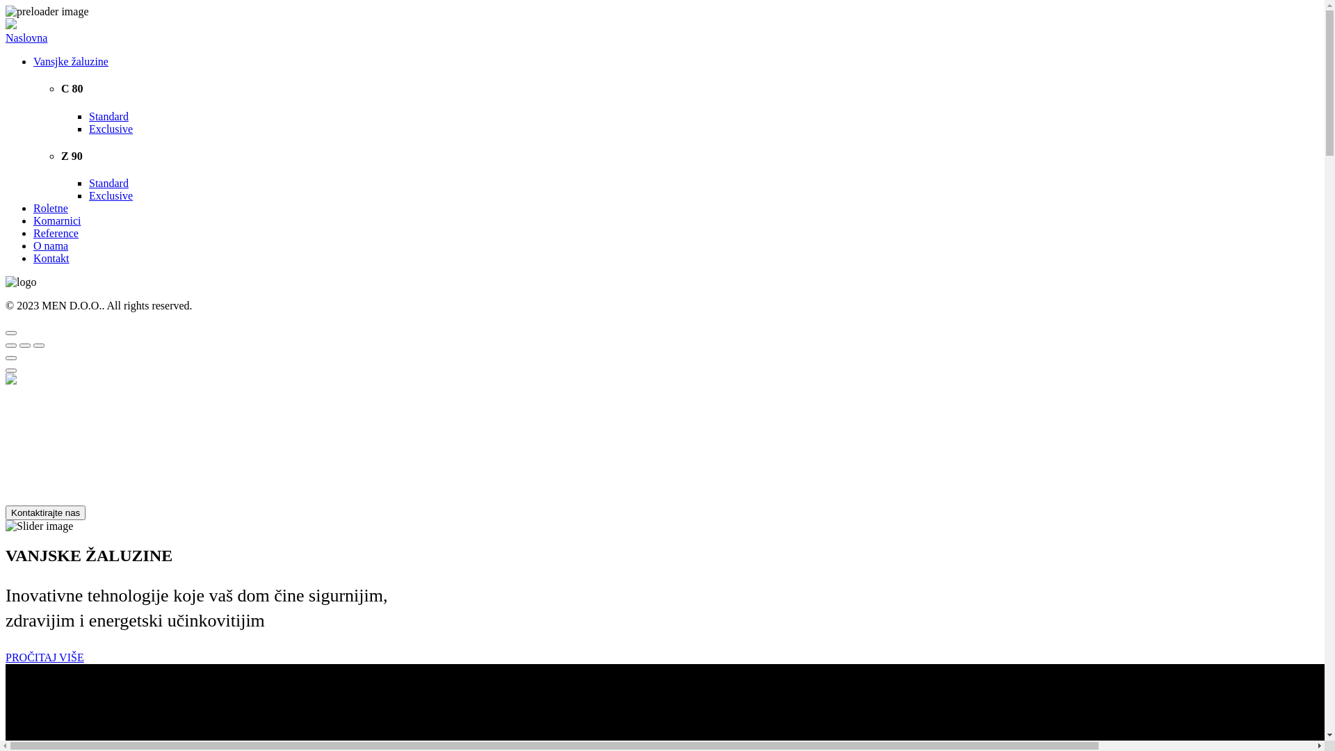 This screenshot has width=1335, height=751. I want to click on 'Roletne', so click(50, 208).